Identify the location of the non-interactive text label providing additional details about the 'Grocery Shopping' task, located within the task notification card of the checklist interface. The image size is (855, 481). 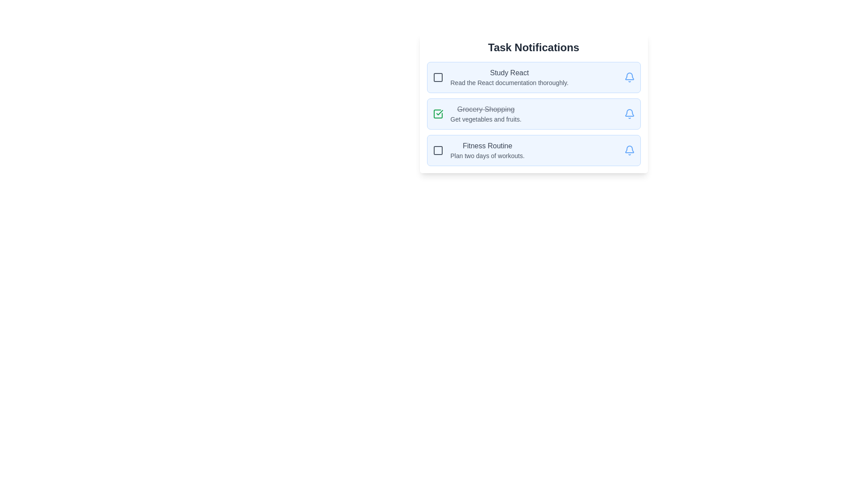
(485, 118).